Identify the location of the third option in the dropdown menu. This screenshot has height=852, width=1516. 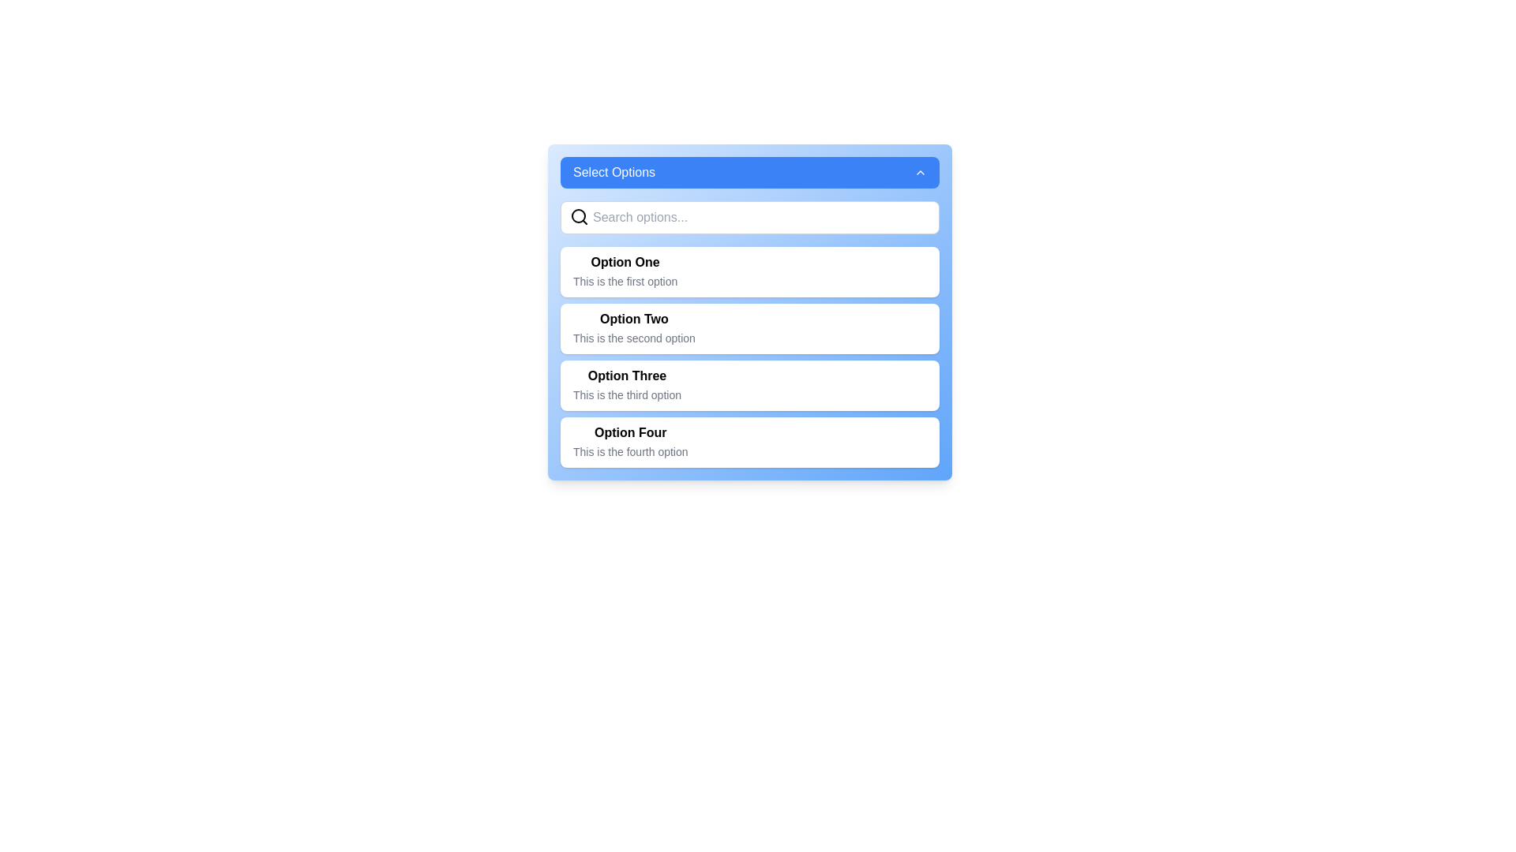
(626, 386).